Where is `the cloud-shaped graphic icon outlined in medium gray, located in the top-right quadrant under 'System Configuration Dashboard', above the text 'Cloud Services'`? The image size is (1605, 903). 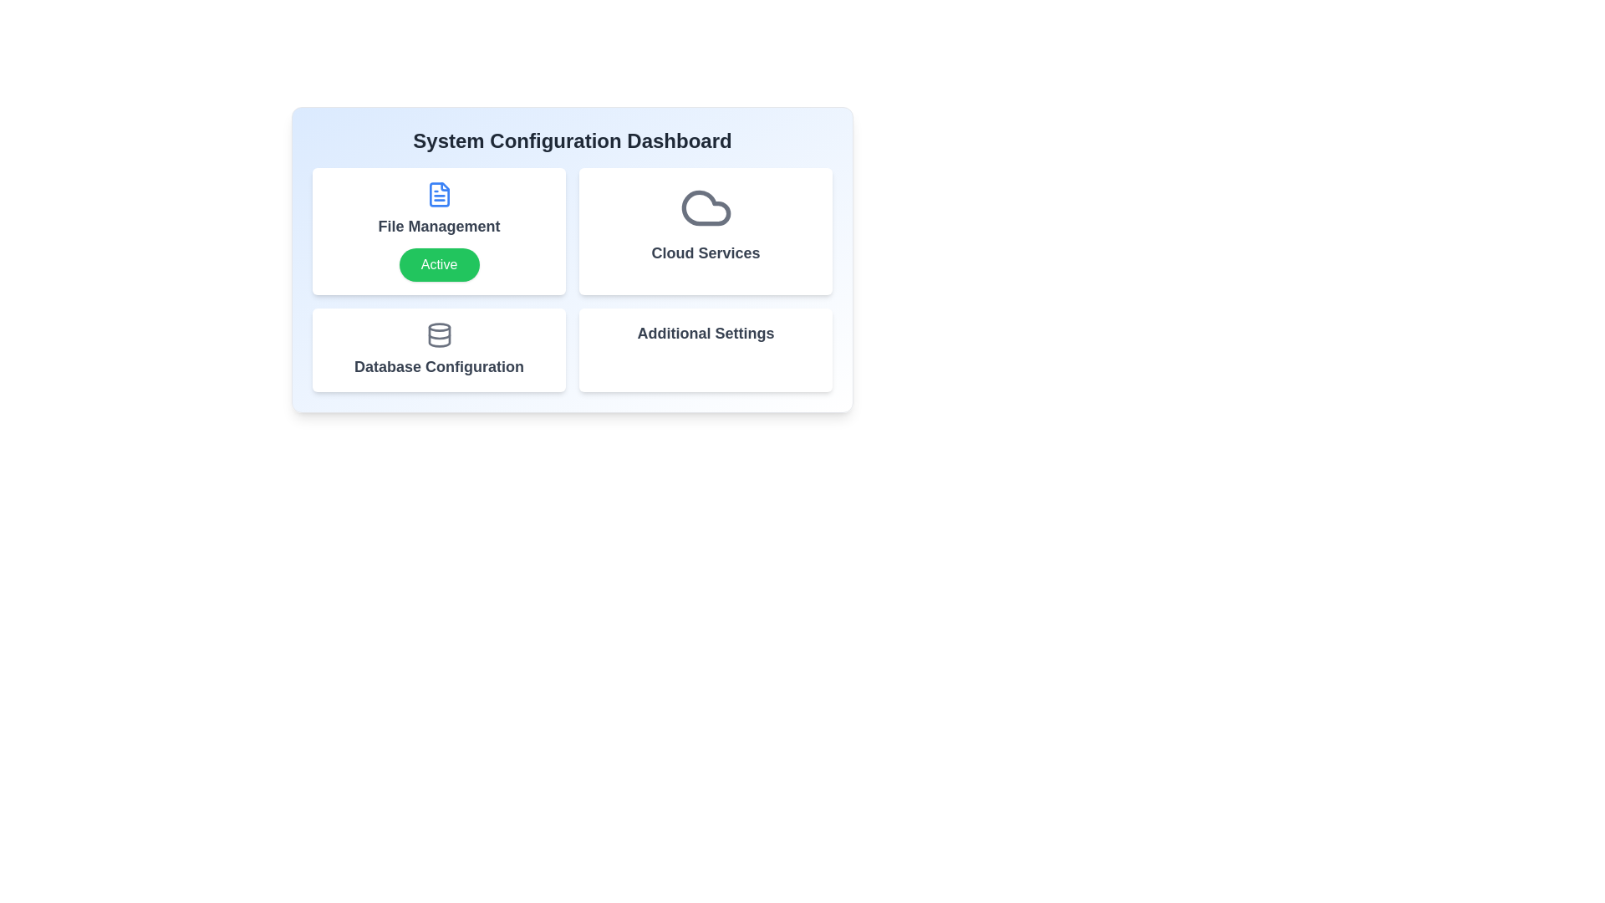 the cloud-shaped graphic icon outlined in medium gray, located in the top-right quadrant under 'System Configuration Dashboard', above the text 'Cloud Services' is located at coordinates (706, 207).